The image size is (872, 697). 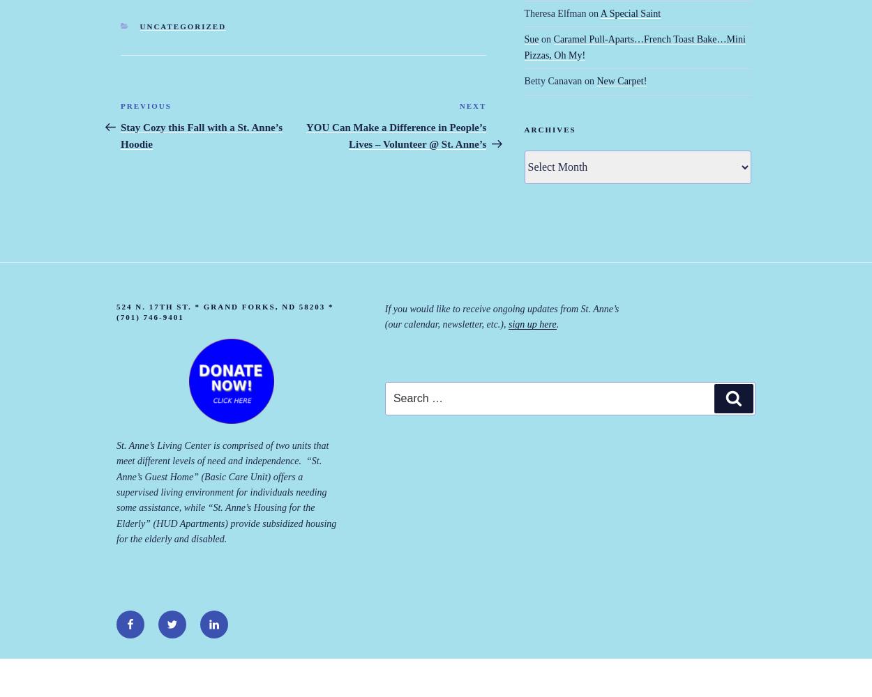 I want to click on 'sign up here', so click(x=532, y=323).